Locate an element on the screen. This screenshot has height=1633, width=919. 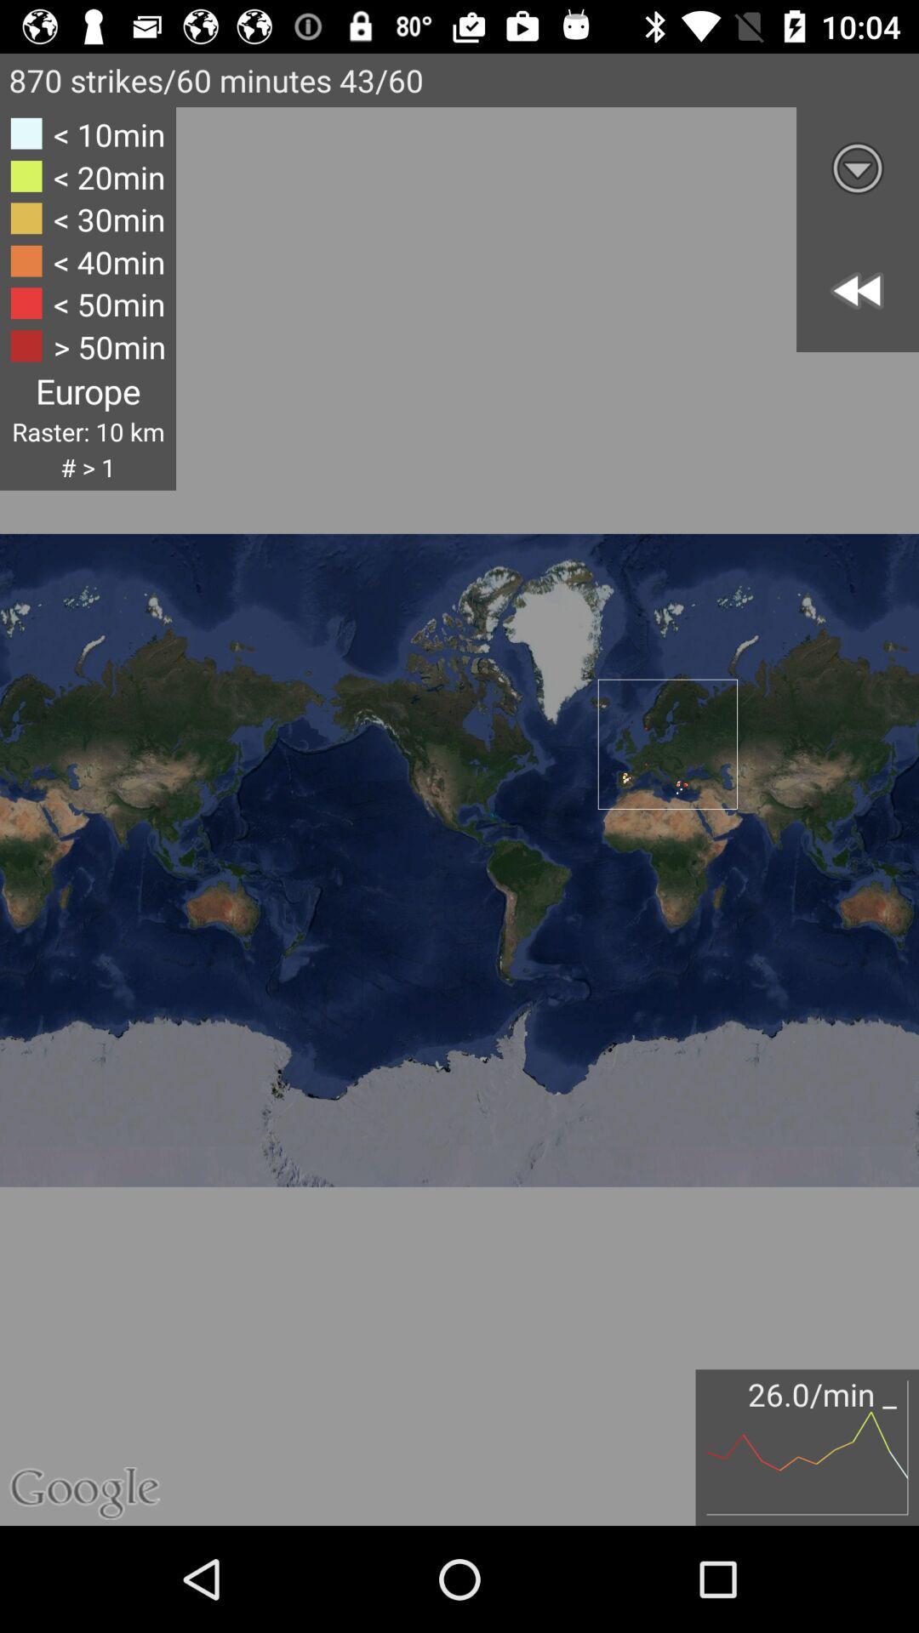
the icon below 870 strikes 60 item is located at coordinates (857, 168).